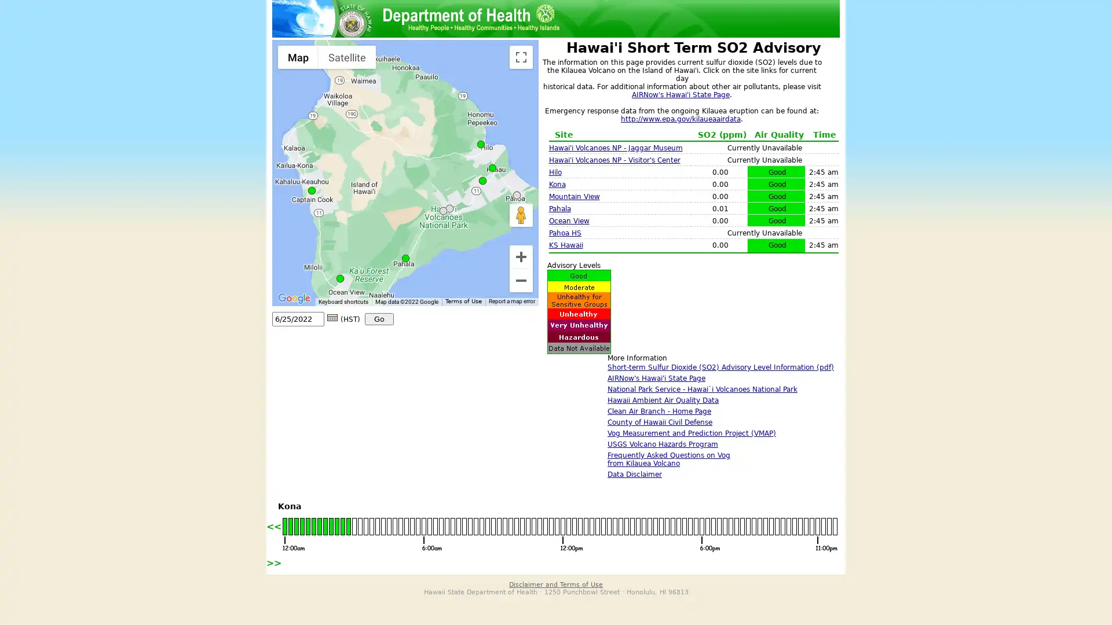  What do you see at coordinates (482, 181) in the screenshot?
I see `Mountain View: SO2 0.00 ppm (Good) on 06/25 at 02:45 am` at bounding box center [482, 181].